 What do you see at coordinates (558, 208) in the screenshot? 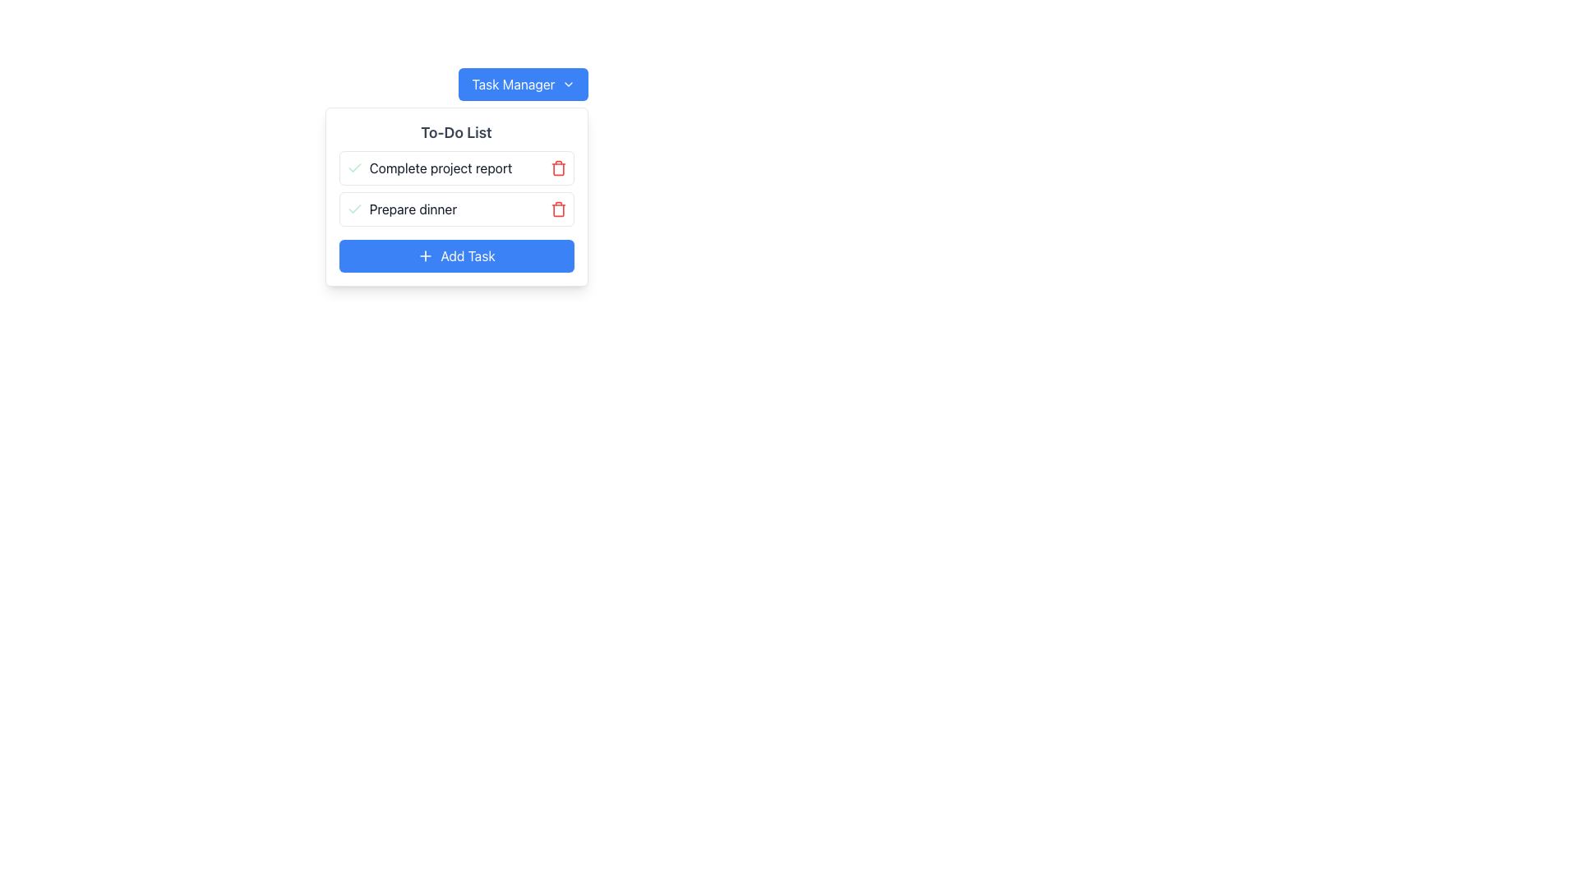
I see `the delete button for the 'Prepare dinner' task` at bounding box center [558, 208].